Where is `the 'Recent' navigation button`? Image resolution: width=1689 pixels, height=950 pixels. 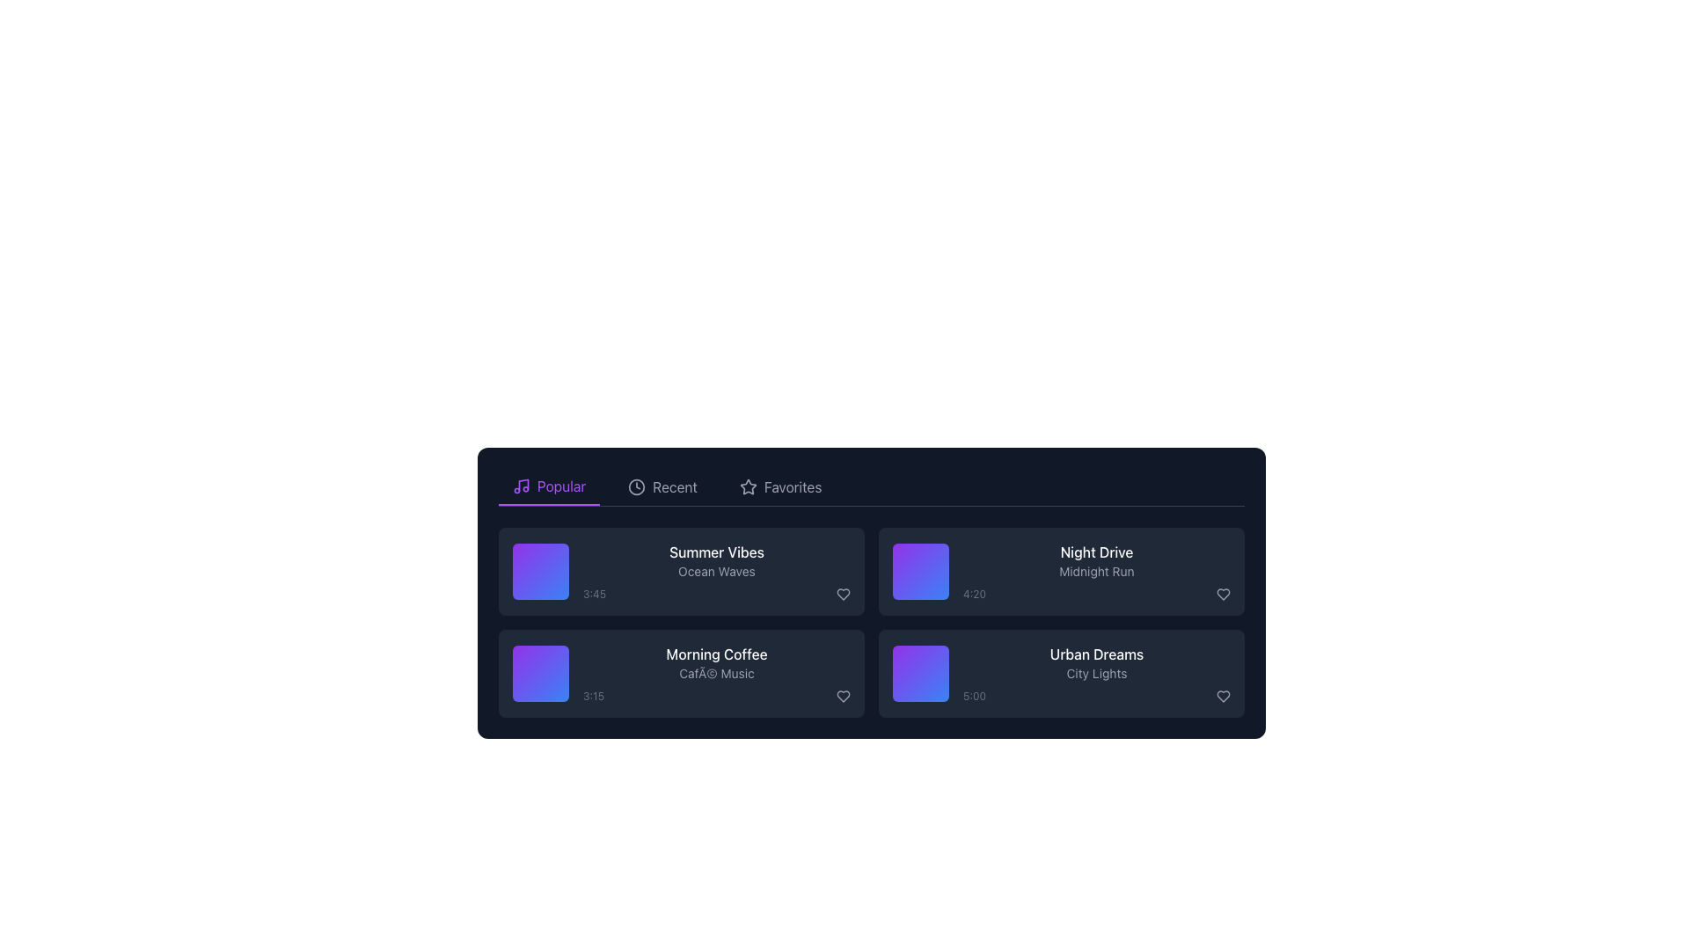 the 'Recent' navigation button is located at coordinates (662, 487).